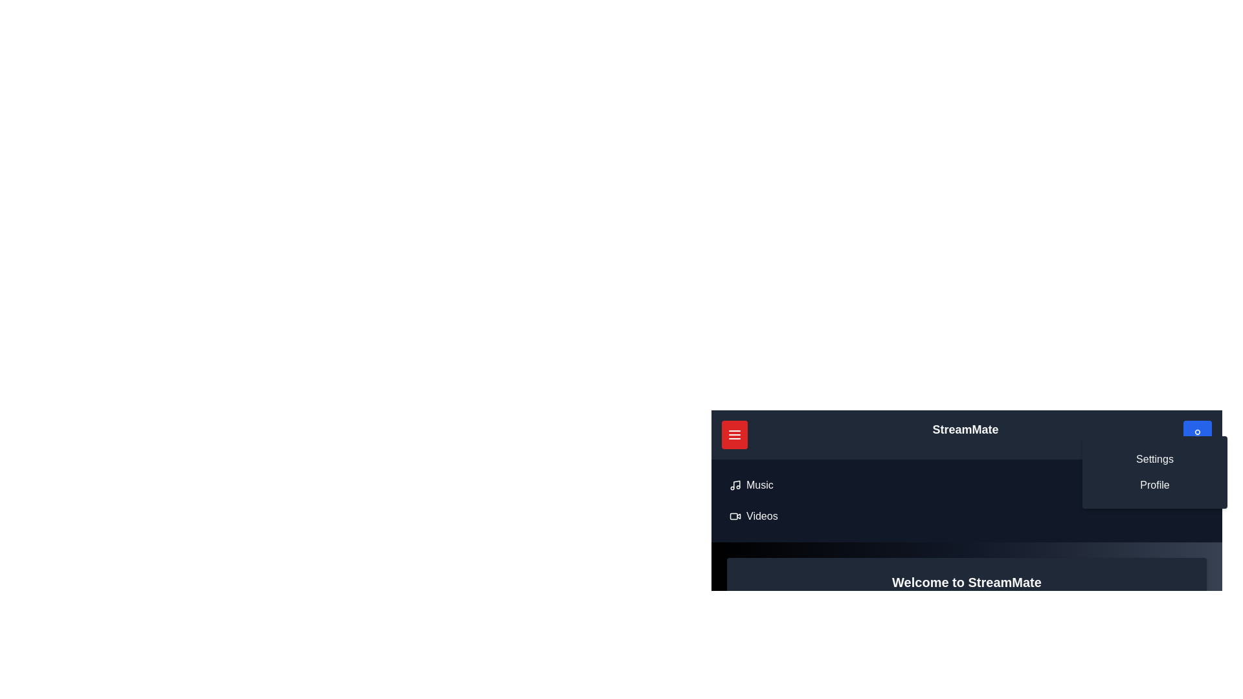 The image size is (1243, 699). What do you see at coordinates (734, 434) in the screenshot?
I see `red button with the menu icon to toggle the menu visibility` at bounding box center [734, 434].